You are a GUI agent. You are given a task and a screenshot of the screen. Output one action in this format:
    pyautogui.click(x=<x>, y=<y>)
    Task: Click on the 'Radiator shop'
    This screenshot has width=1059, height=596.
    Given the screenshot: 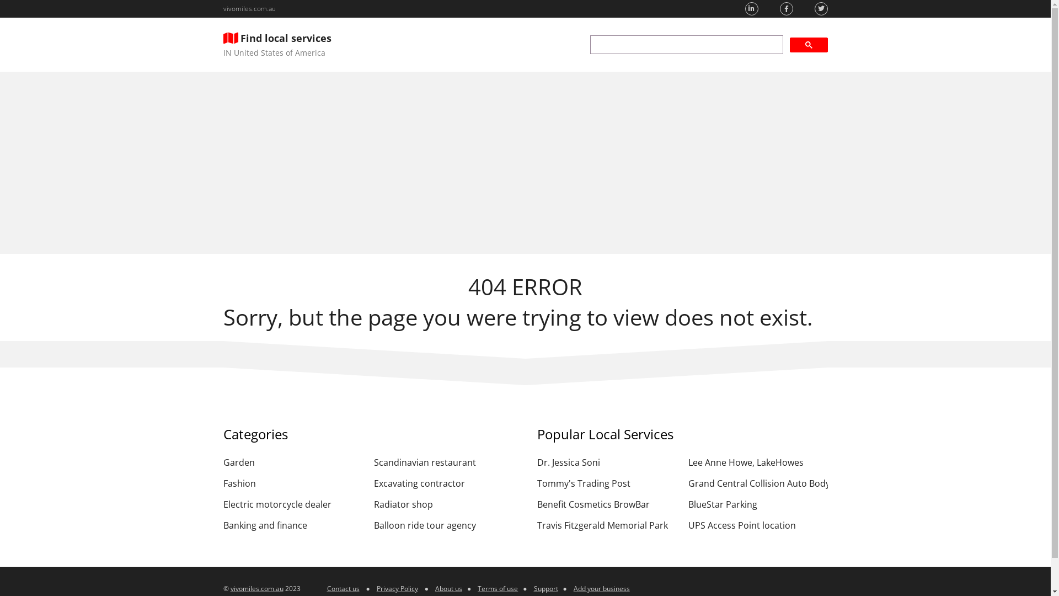 What is the action you would take?
    pyautogui.click(x=443, y=504)
    